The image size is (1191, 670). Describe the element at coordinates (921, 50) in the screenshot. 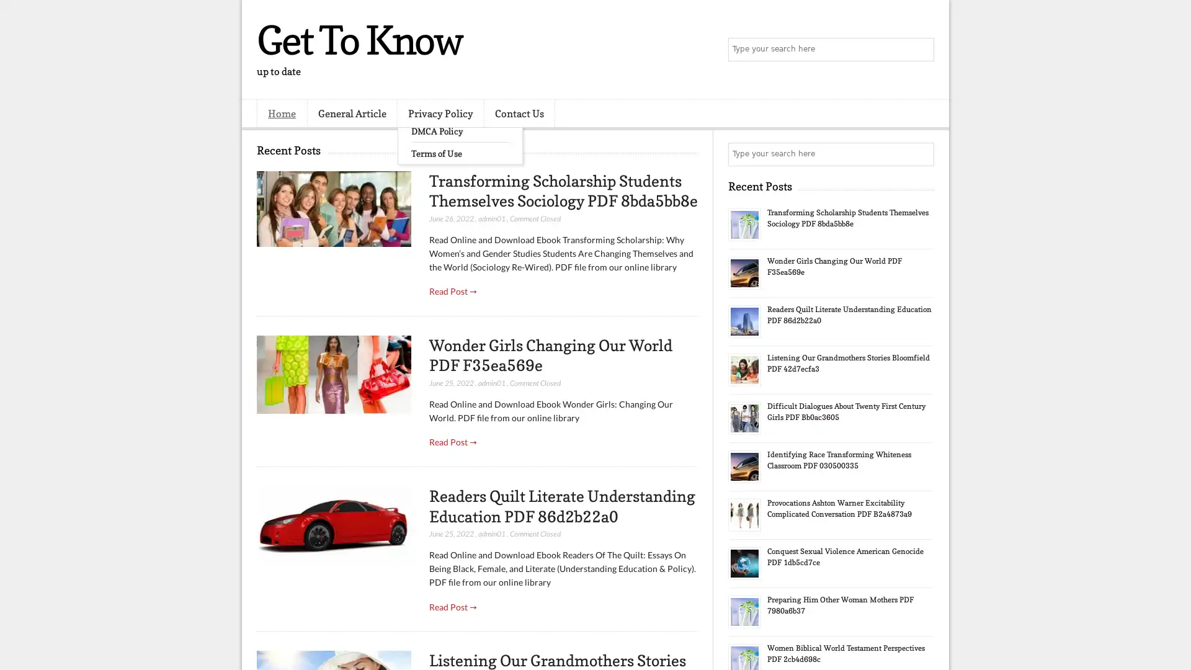

I see `Search` at that location.